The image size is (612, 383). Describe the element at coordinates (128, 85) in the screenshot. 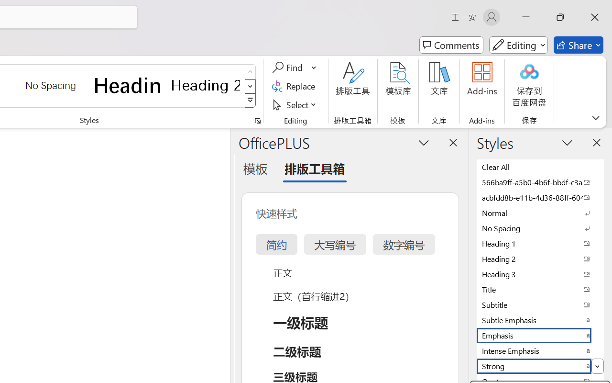

I see `'Heading 1'` at that location.